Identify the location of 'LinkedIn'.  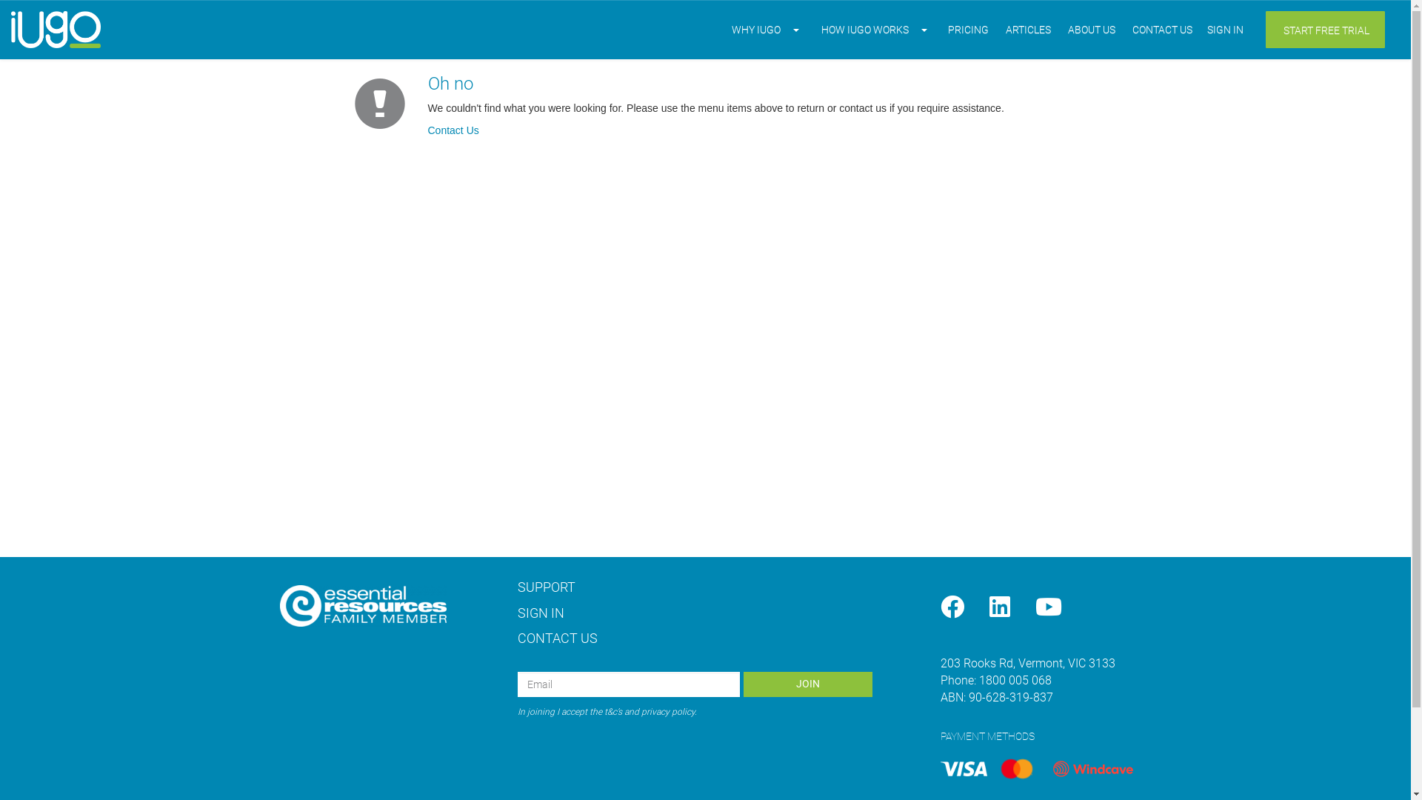
(999, 607).